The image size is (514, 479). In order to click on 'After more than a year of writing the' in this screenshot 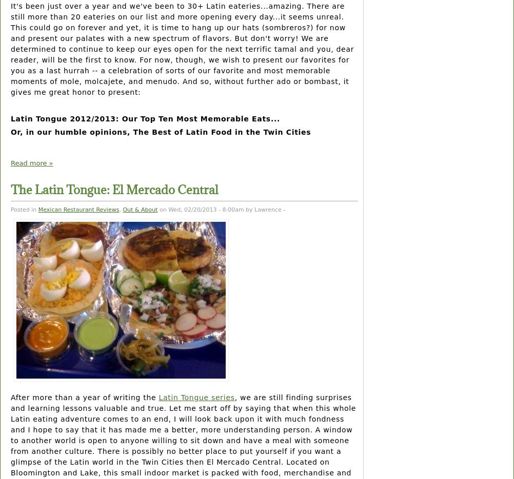, I will do `click(84, 397)`.